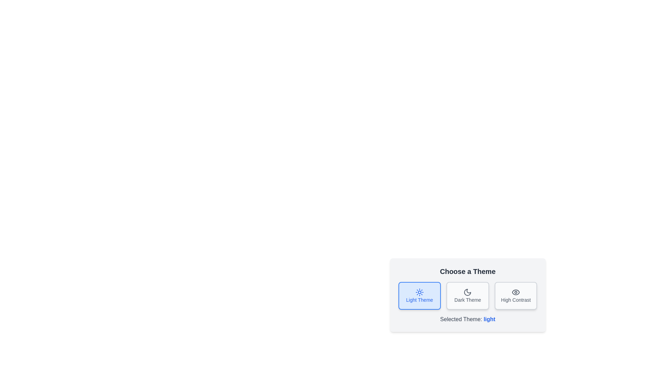 This screenshot has width=667, height=375. Describe the element at coordinates (468, 296) in the screenshot. I see `the theme corresponding to Dark Theme by clicking the respective button` at that location.